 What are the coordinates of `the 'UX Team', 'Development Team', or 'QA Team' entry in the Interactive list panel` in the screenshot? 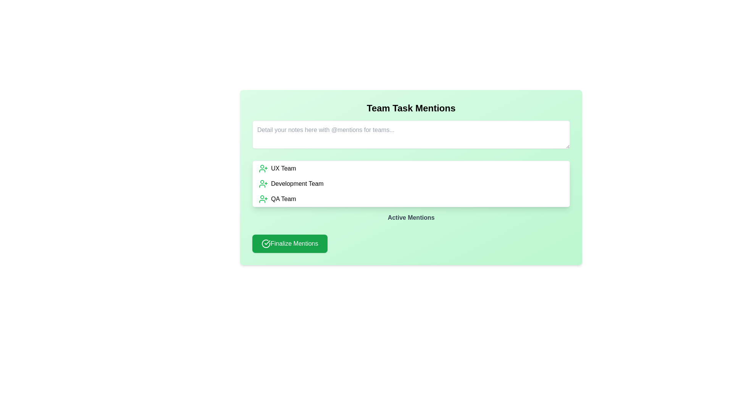 It's located at (410, 184).